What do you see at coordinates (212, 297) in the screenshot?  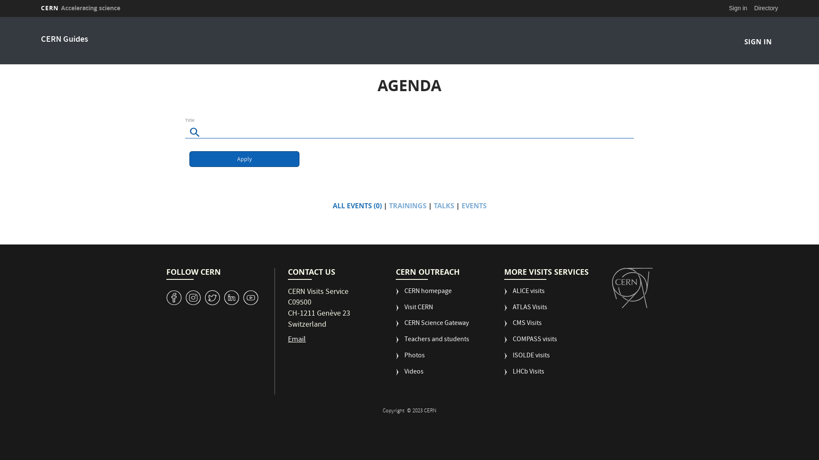 I see `'W'` at bounding box center [212, 297].